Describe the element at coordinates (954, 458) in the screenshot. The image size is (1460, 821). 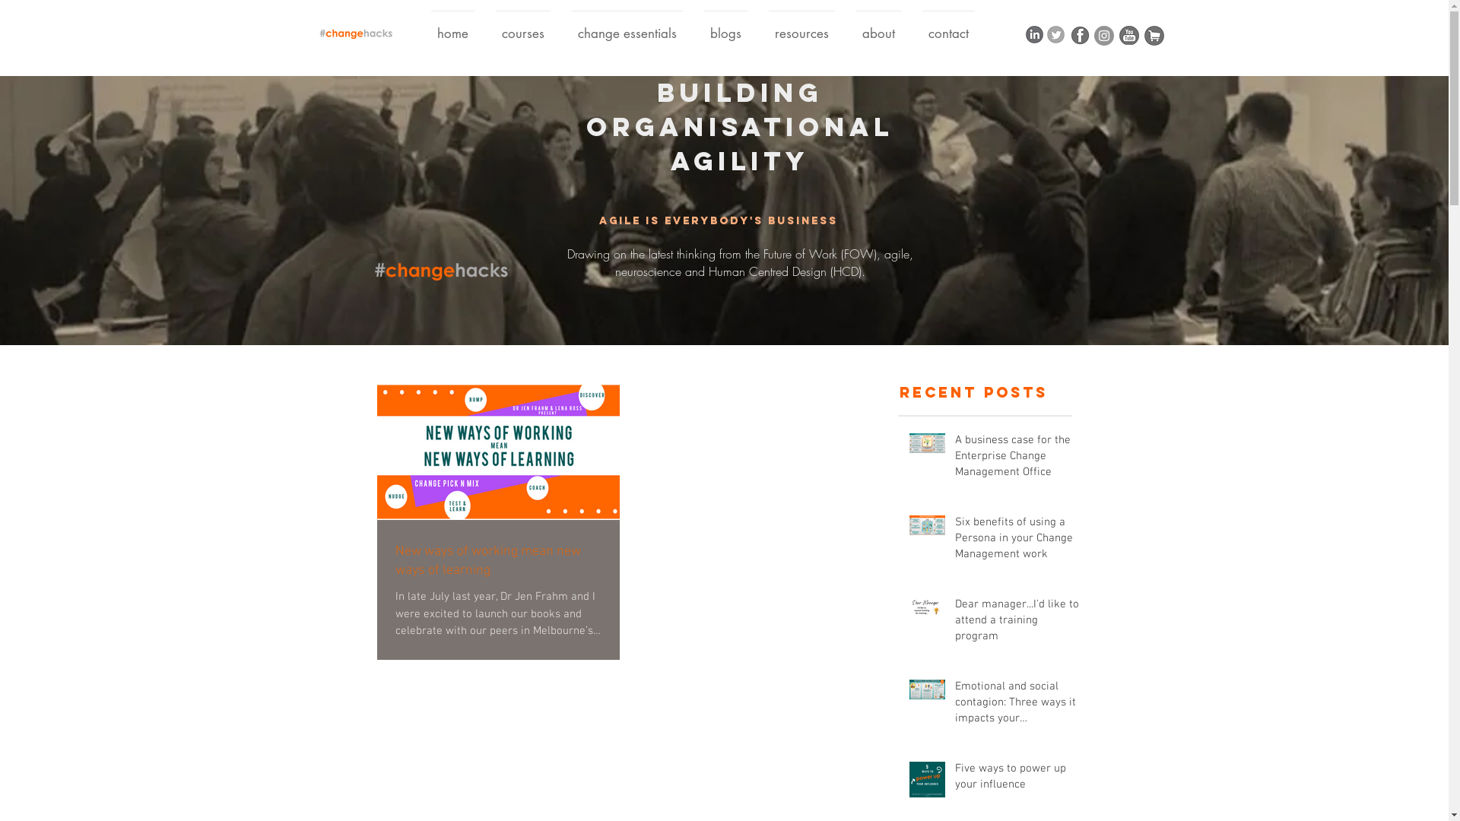
I see `'A business case for the Enterprise Change Management Office'` at that location.